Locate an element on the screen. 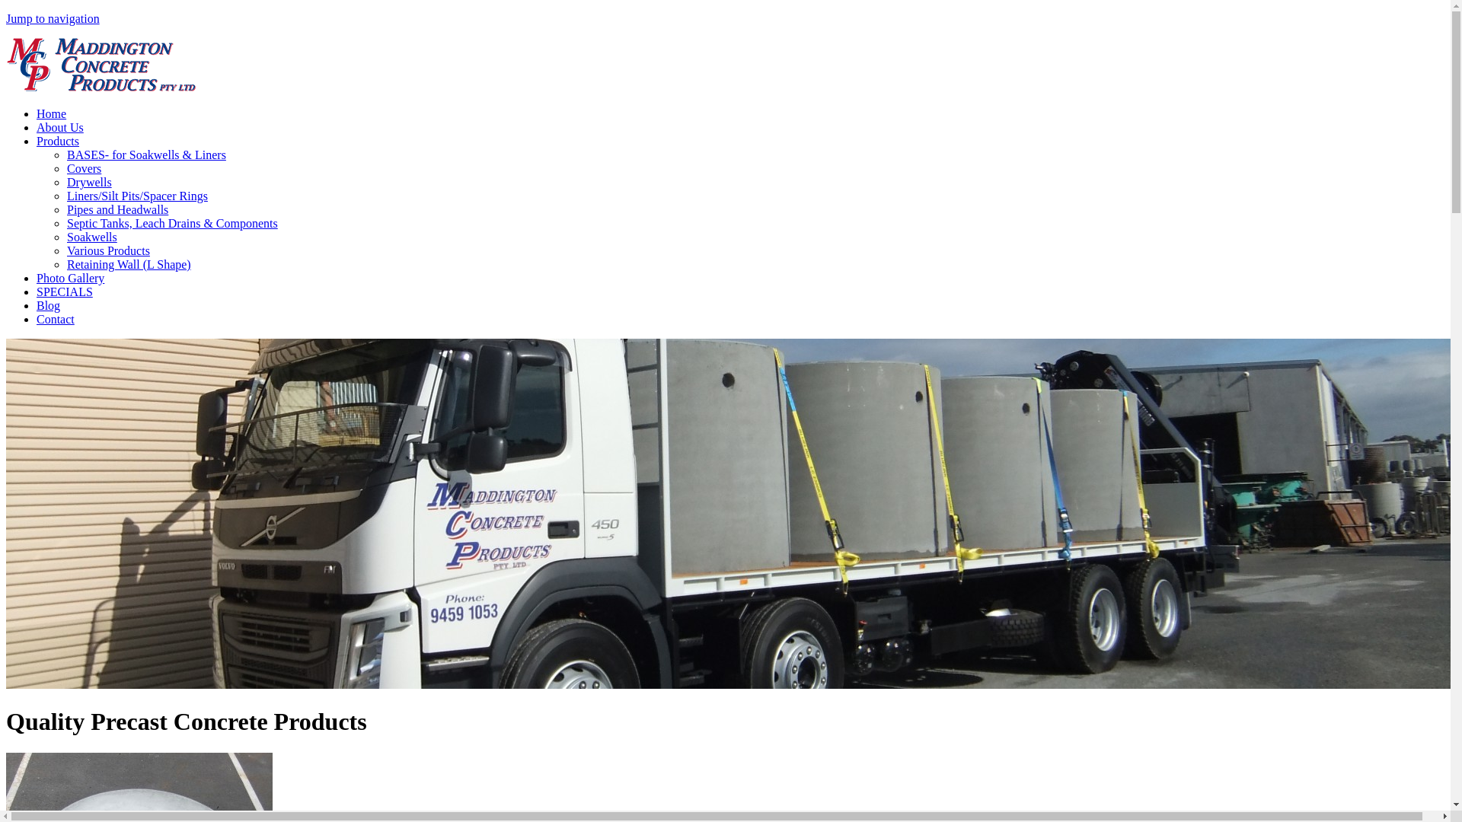  'Contact' is located at coordinates (55, 318).